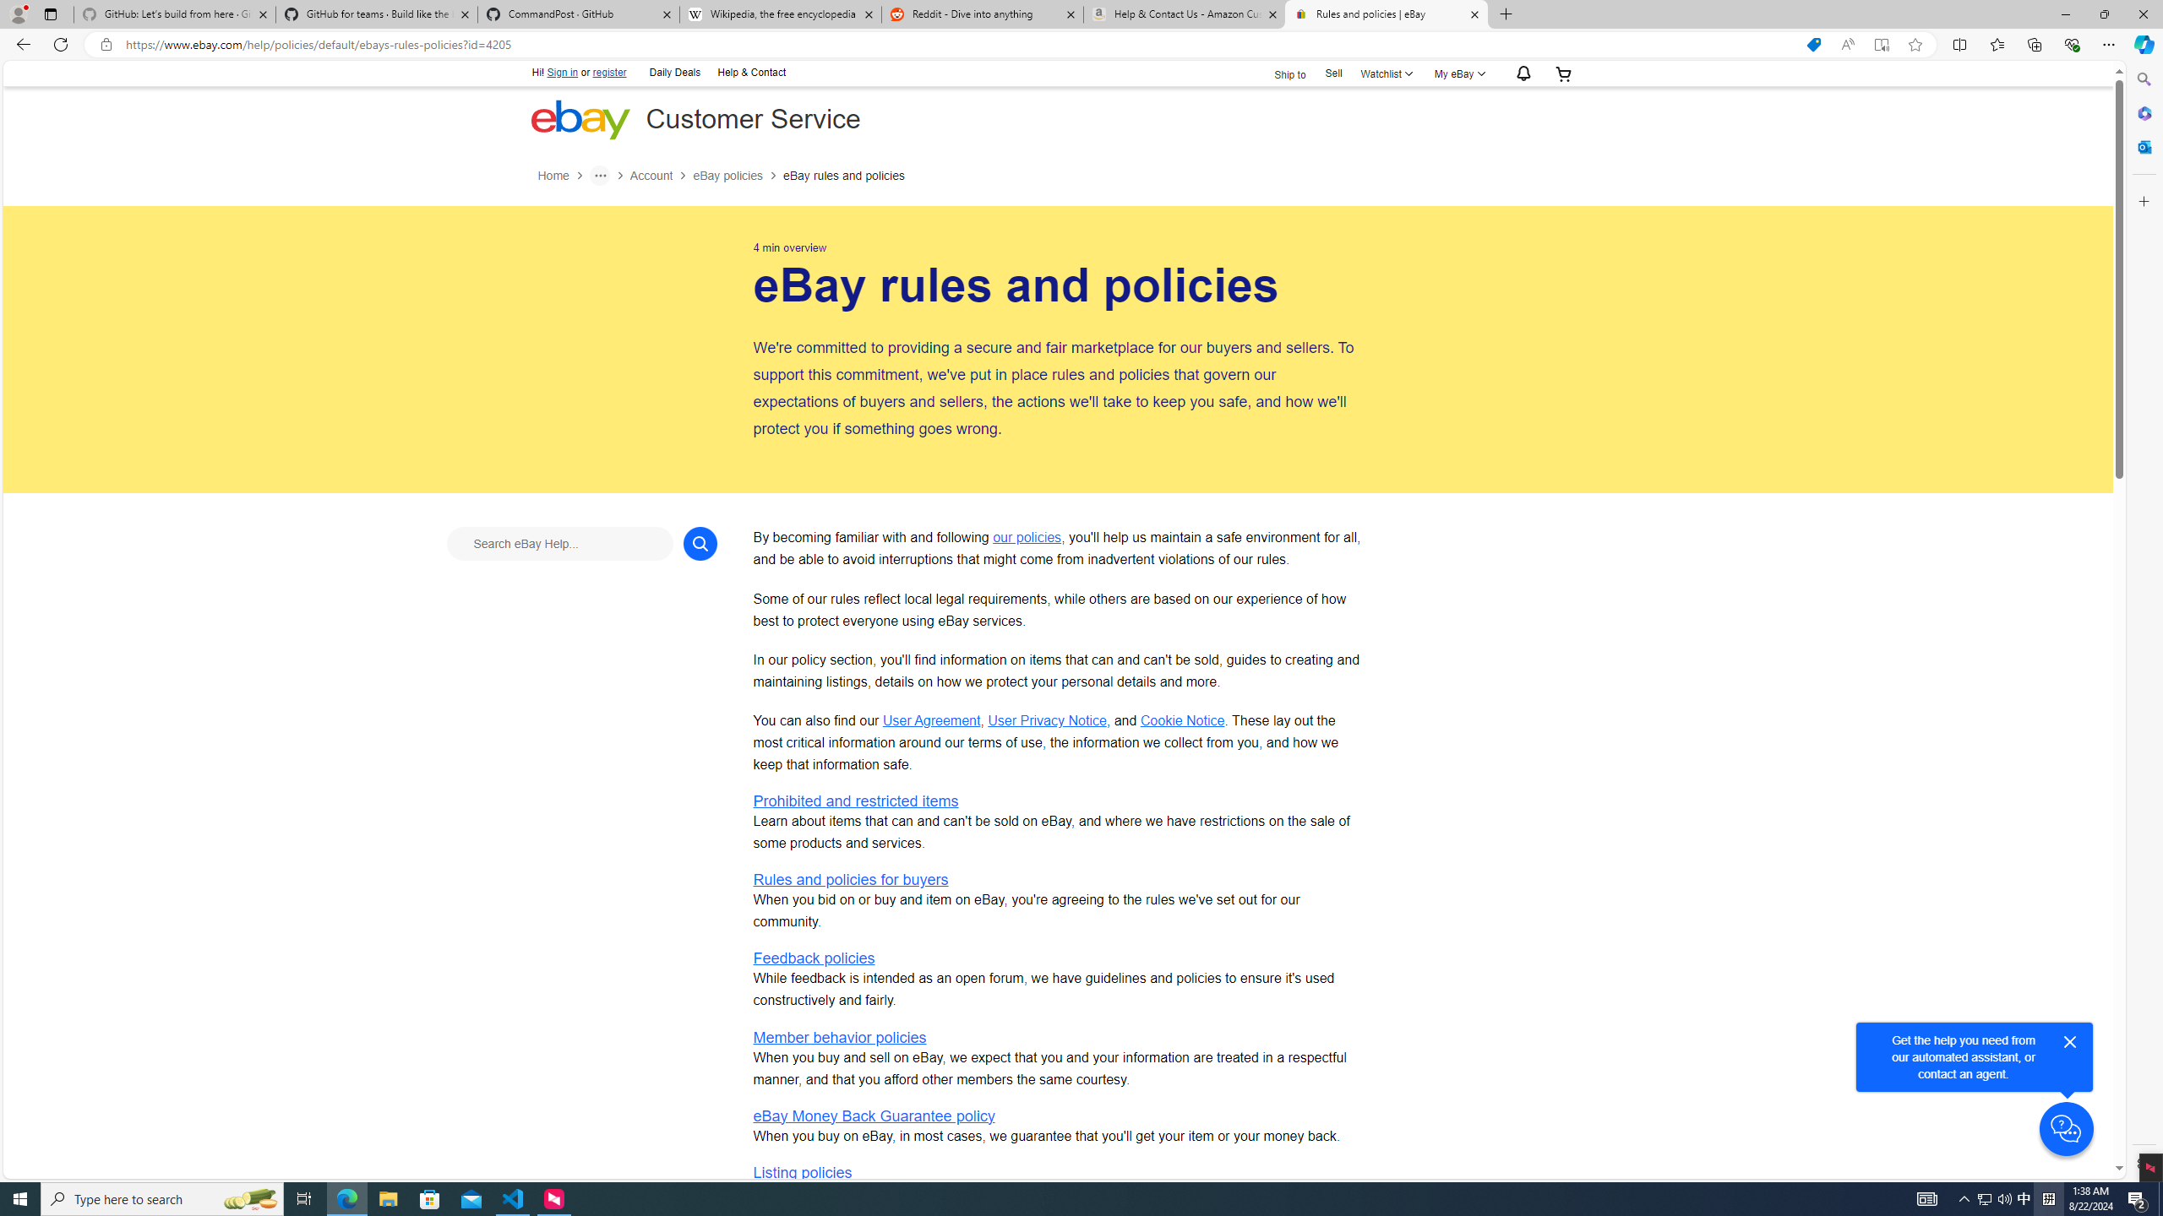  What do you see at coordinates (1457, 73) in the screenshot?
I see `'My eBay'` at bounding box center [1457, 73].